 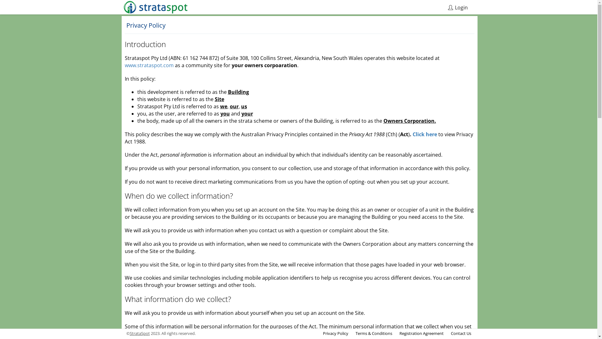 I want to click on 'www.strataspot.com', so click(x=149, y=65).